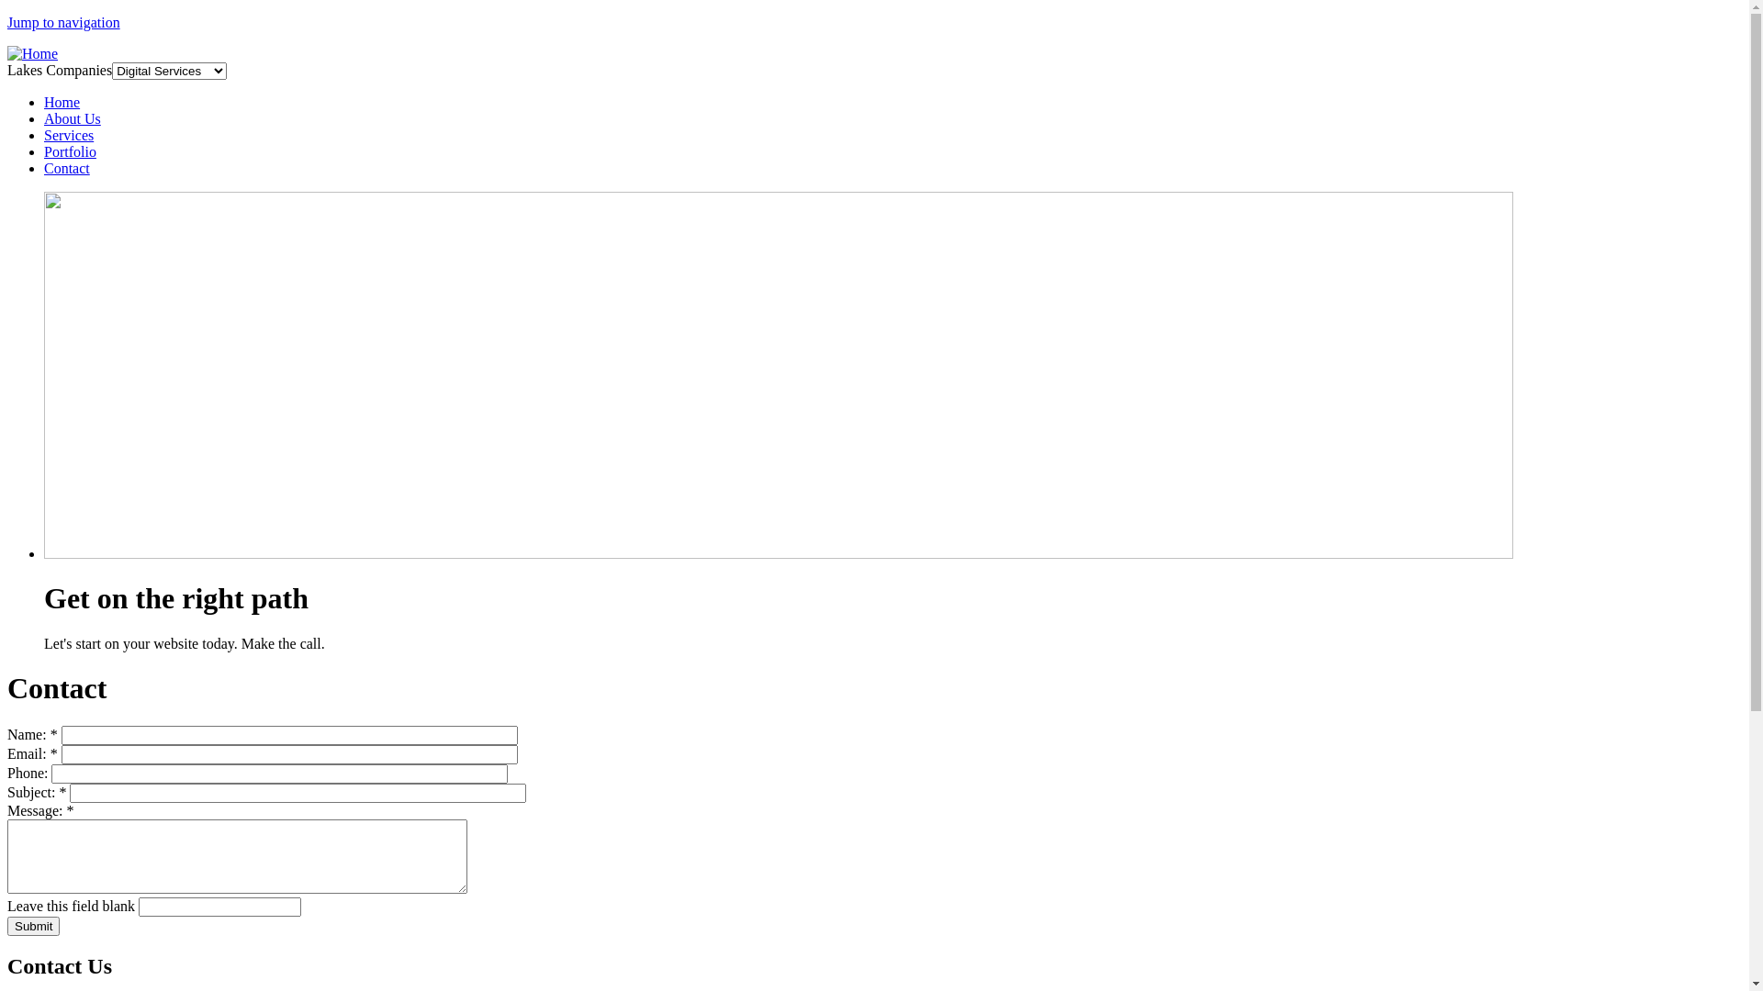 This screenshot has width=1763, height=991. I want to click on 'Contact', so click(66, 168).